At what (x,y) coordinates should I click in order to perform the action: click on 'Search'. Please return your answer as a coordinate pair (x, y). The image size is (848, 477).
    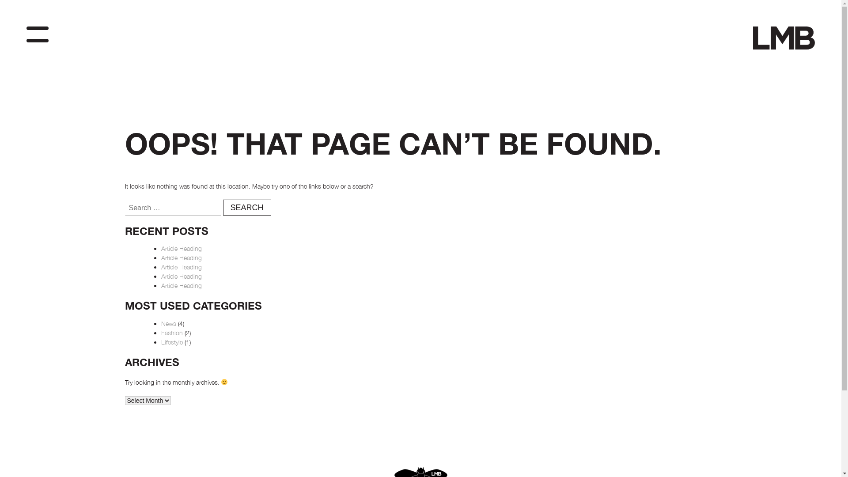
    Looking at the image, I should click on (246, 208).